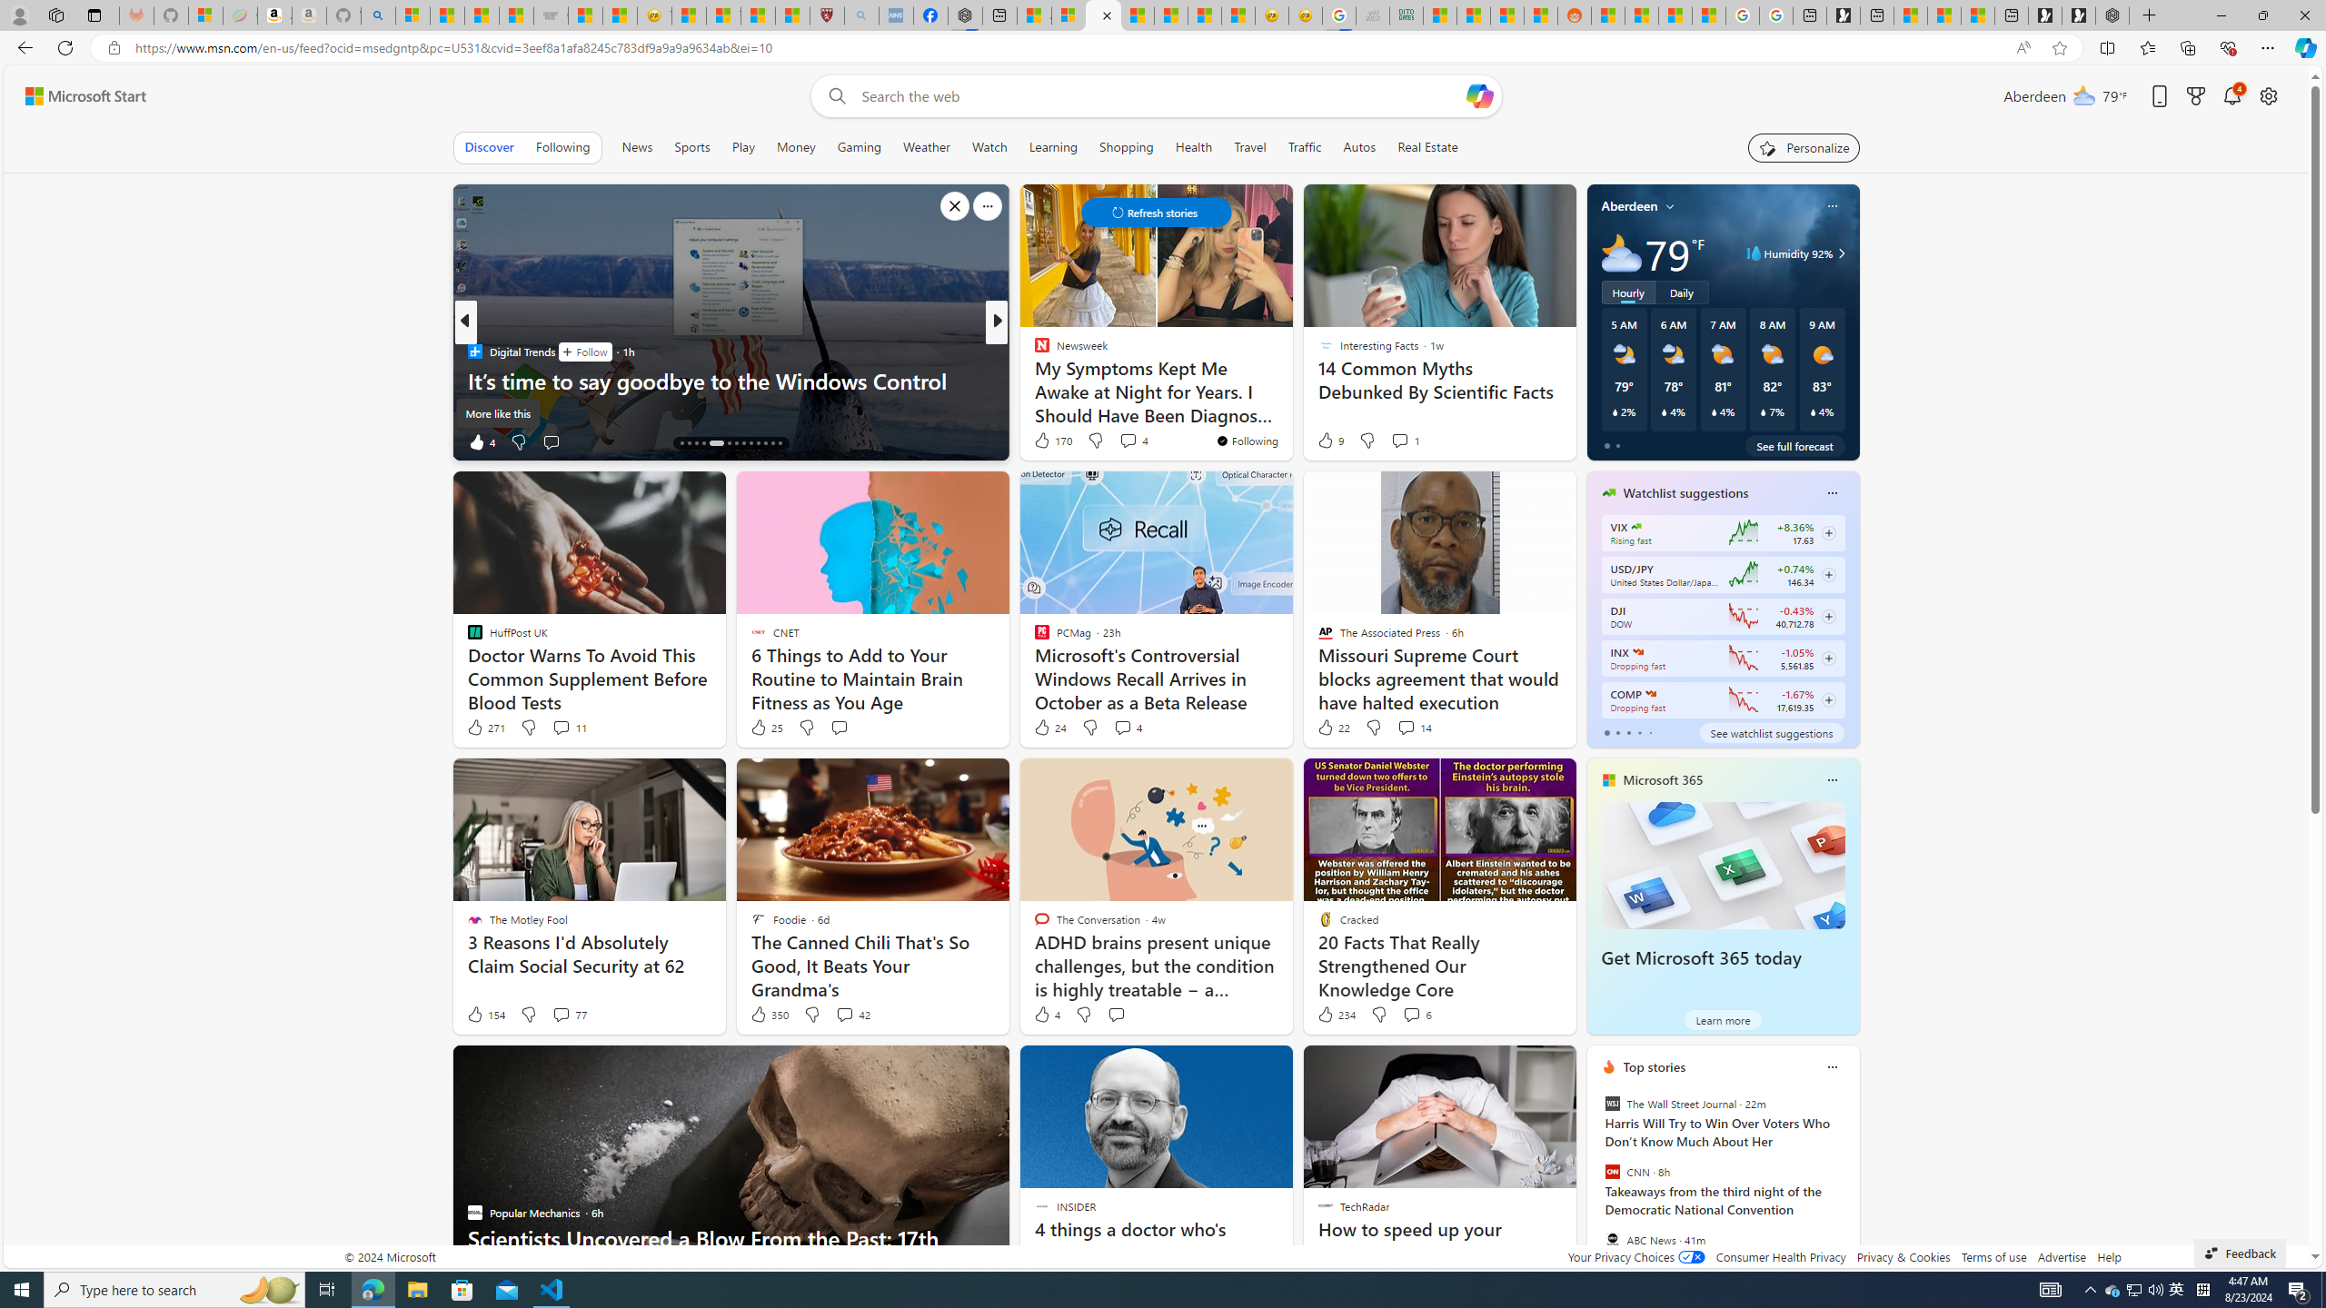  What do you see at coordinates (484, 1013) in the screenshot?
I see `'154 Like'` at bounding box center [484, 1013].